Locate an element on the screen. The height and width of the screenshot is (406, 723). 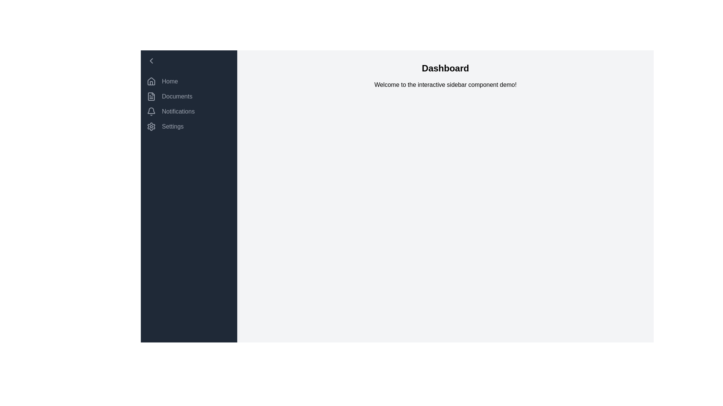
the toggle button to toggle the sidebar's expansion state is located at coordinates (189, 61).